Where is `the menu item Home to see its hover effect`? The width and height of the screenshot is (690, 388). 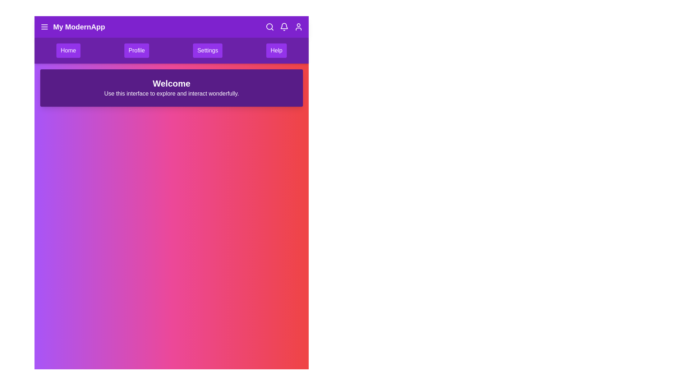 the menu item Home to see its hover effect is located at coordinates (68, 50).